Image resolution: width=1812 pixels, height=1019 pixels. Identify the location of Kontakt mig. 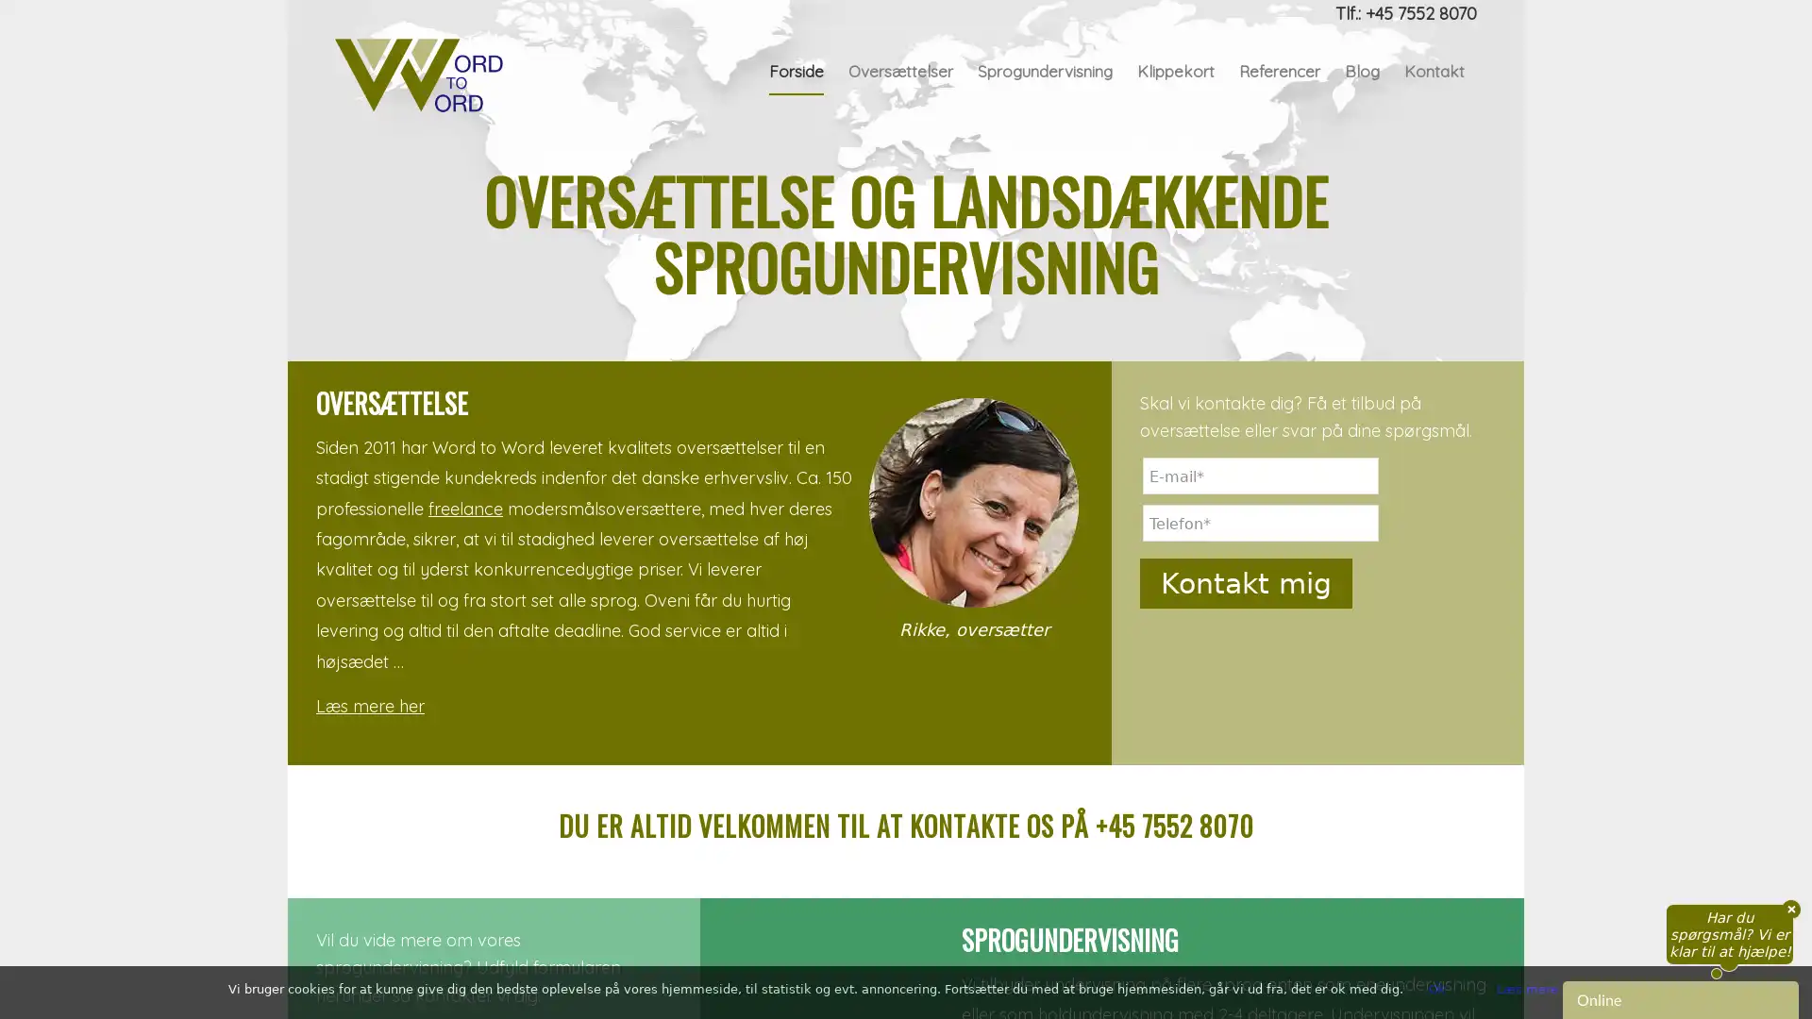
(1246, 832).